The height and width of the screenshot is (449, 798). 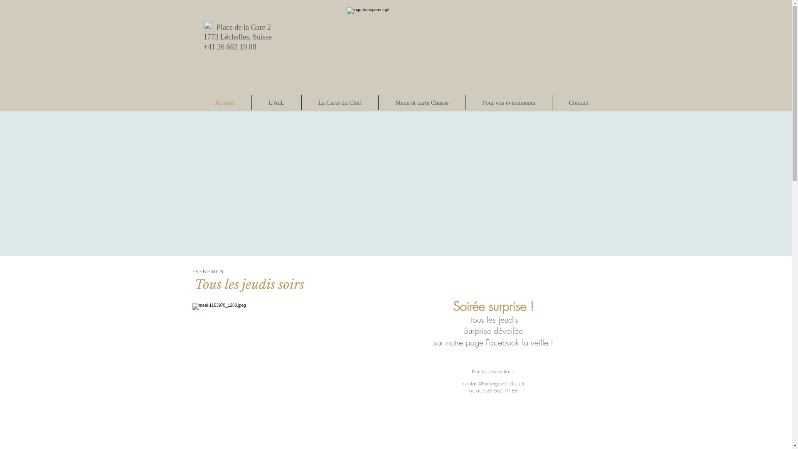 What do you see at coordinates (340, 102) in the screenshot?
I see `'La Carte du Chef'` at bounding box center [340, 102].